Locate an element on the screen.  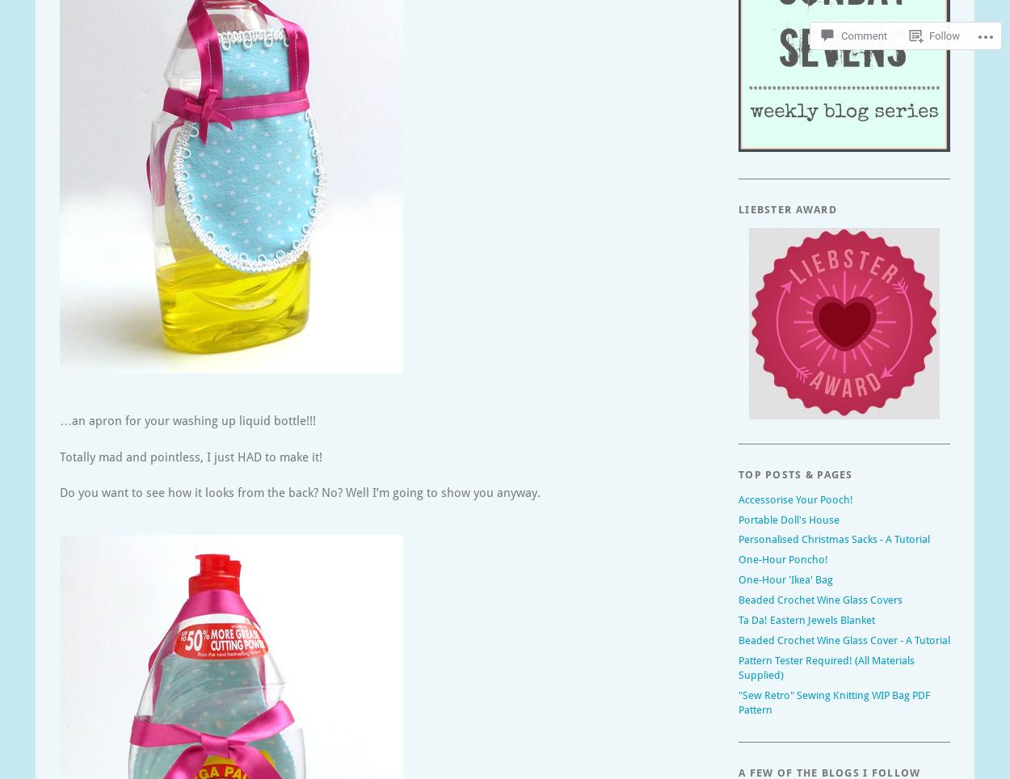
'Pattern Tester Required! (All Materials Supplied)' is located at coordinates (827, 666).